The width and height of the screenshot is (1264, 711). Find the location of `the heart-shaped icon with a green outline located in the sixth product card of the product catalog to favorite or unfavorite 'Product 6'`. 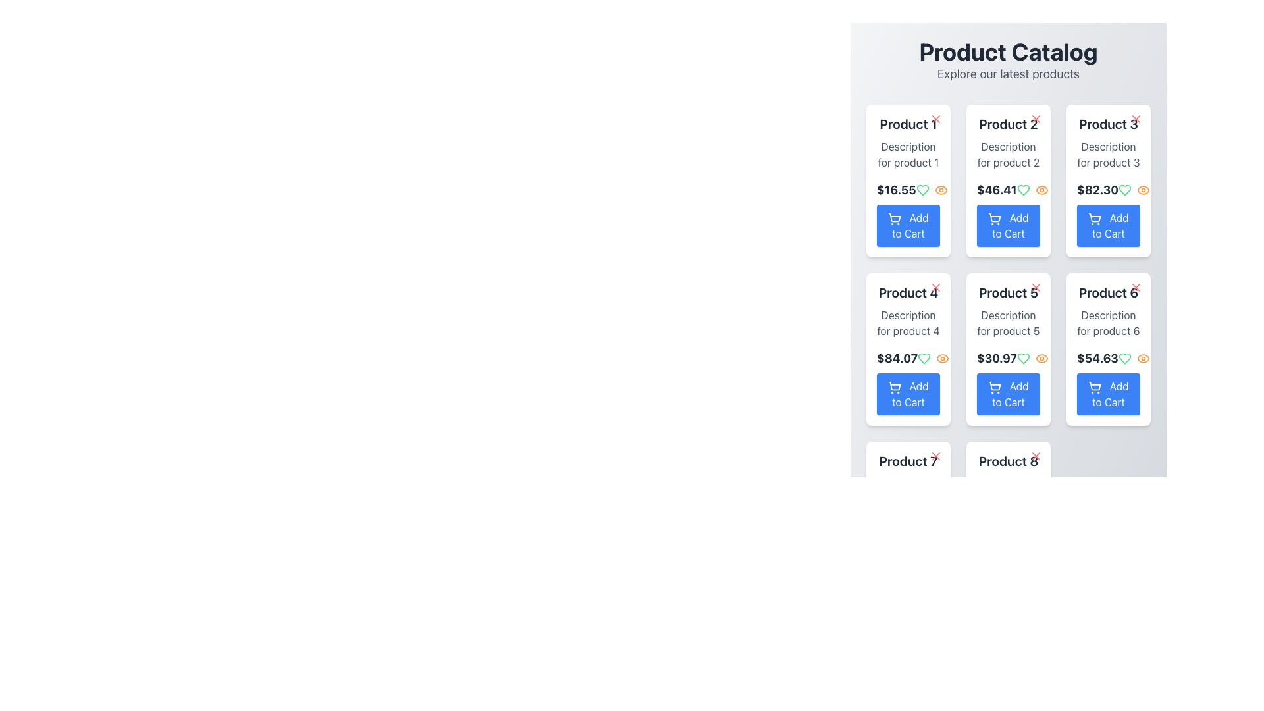

the heart-shaped icon with a green outline located in the sixth product card of the product catalog to favorite or unfavorite 'Product 6' is located at coordinates (1022, 190).